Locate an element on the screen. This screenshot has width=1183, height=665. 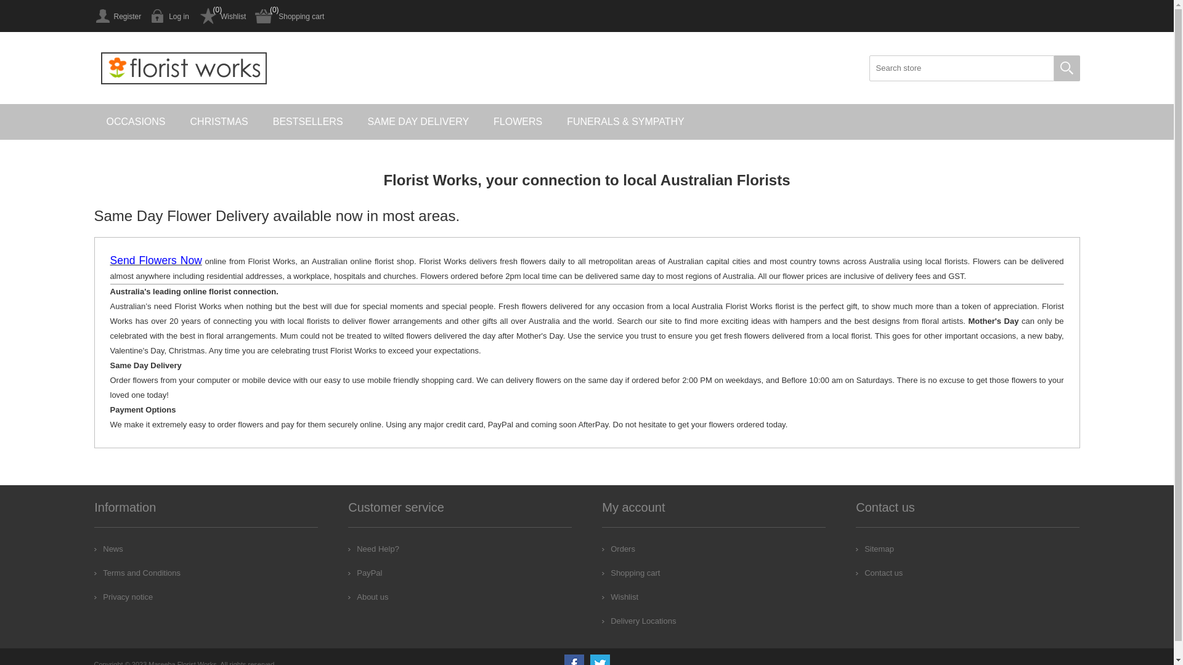
'SAME DAY DELIVERY' is located at coordinates (418, 121).